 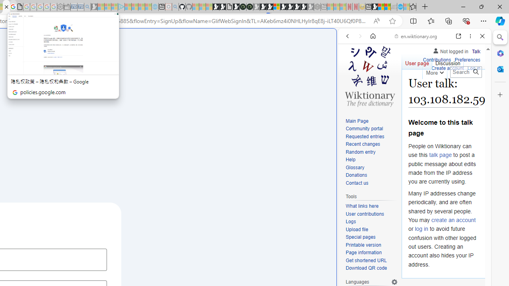 What do you see at coordinates (371, 237) in the screenshot?
I see `'Special pages'` at bounding box center [371, 237].